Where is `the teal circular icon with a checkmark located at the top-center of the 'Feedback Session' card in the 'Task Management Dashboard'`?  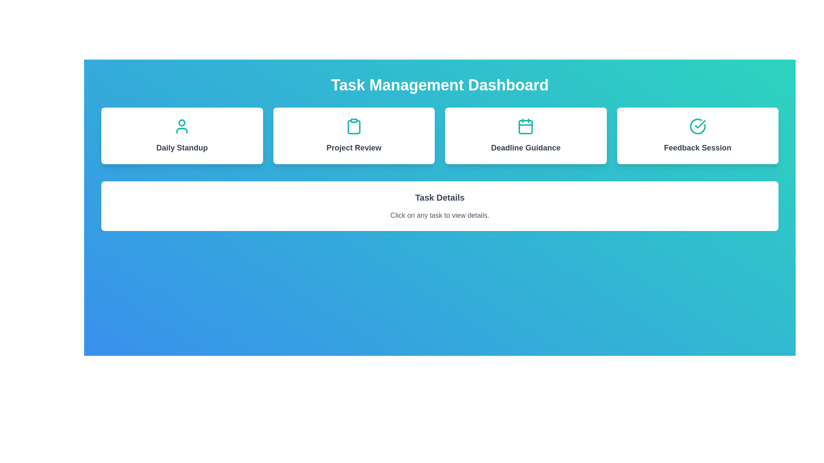 the teal circular icon with a checkmark located at the top-center of the 'Feedback Session' card in the 'Task Management Dashboard' is located at coordinates (697, 126).